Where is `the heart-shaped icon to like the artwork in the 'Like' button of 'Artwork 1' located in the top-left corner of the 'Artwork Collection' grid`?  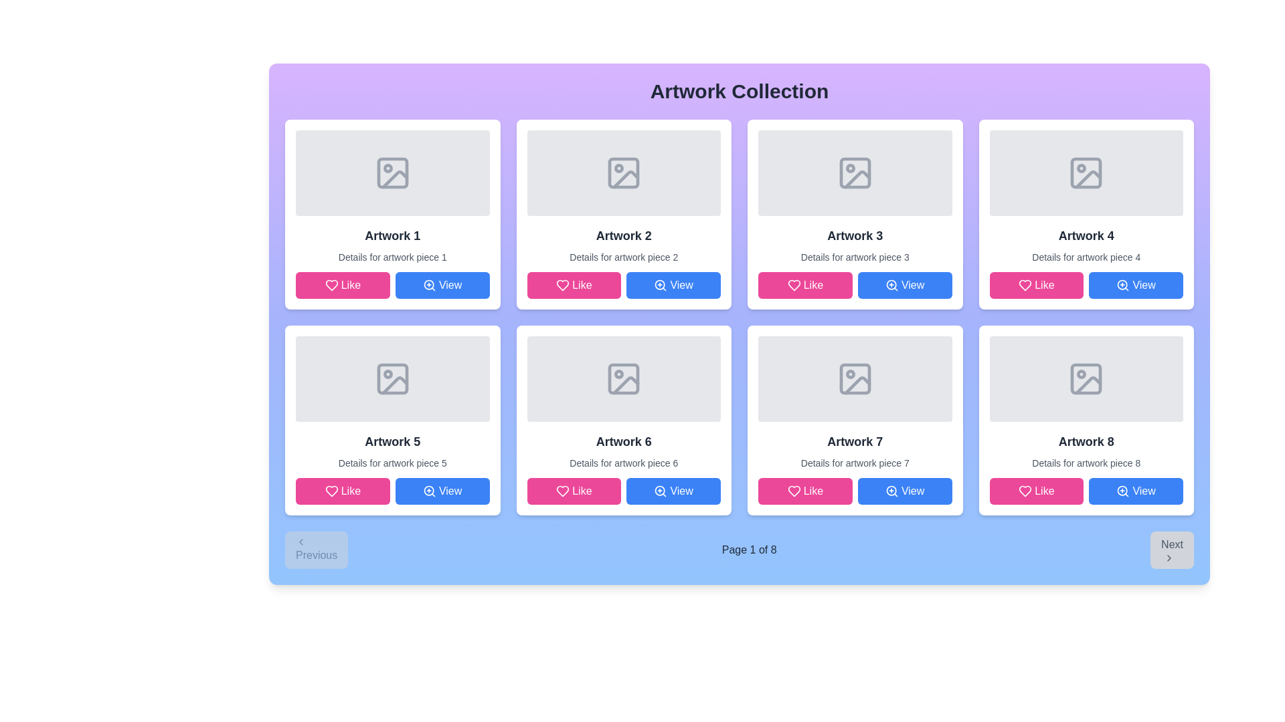
the heart-shaped icon to like the artwork in the 'Like' button of 'Artwork 1' located in the top-left corner of the 'Artwork Collection' grid is located at coordinates (331, 285).